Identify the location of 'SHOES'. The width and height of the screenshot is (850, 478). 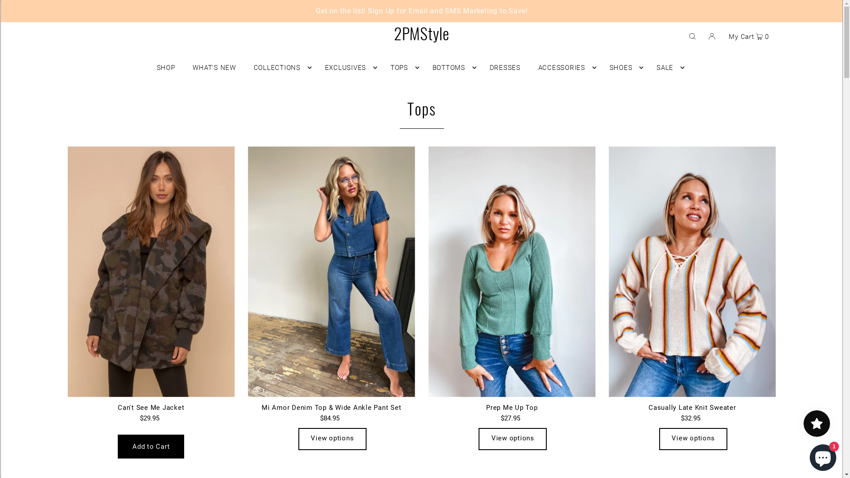
(624, 67).